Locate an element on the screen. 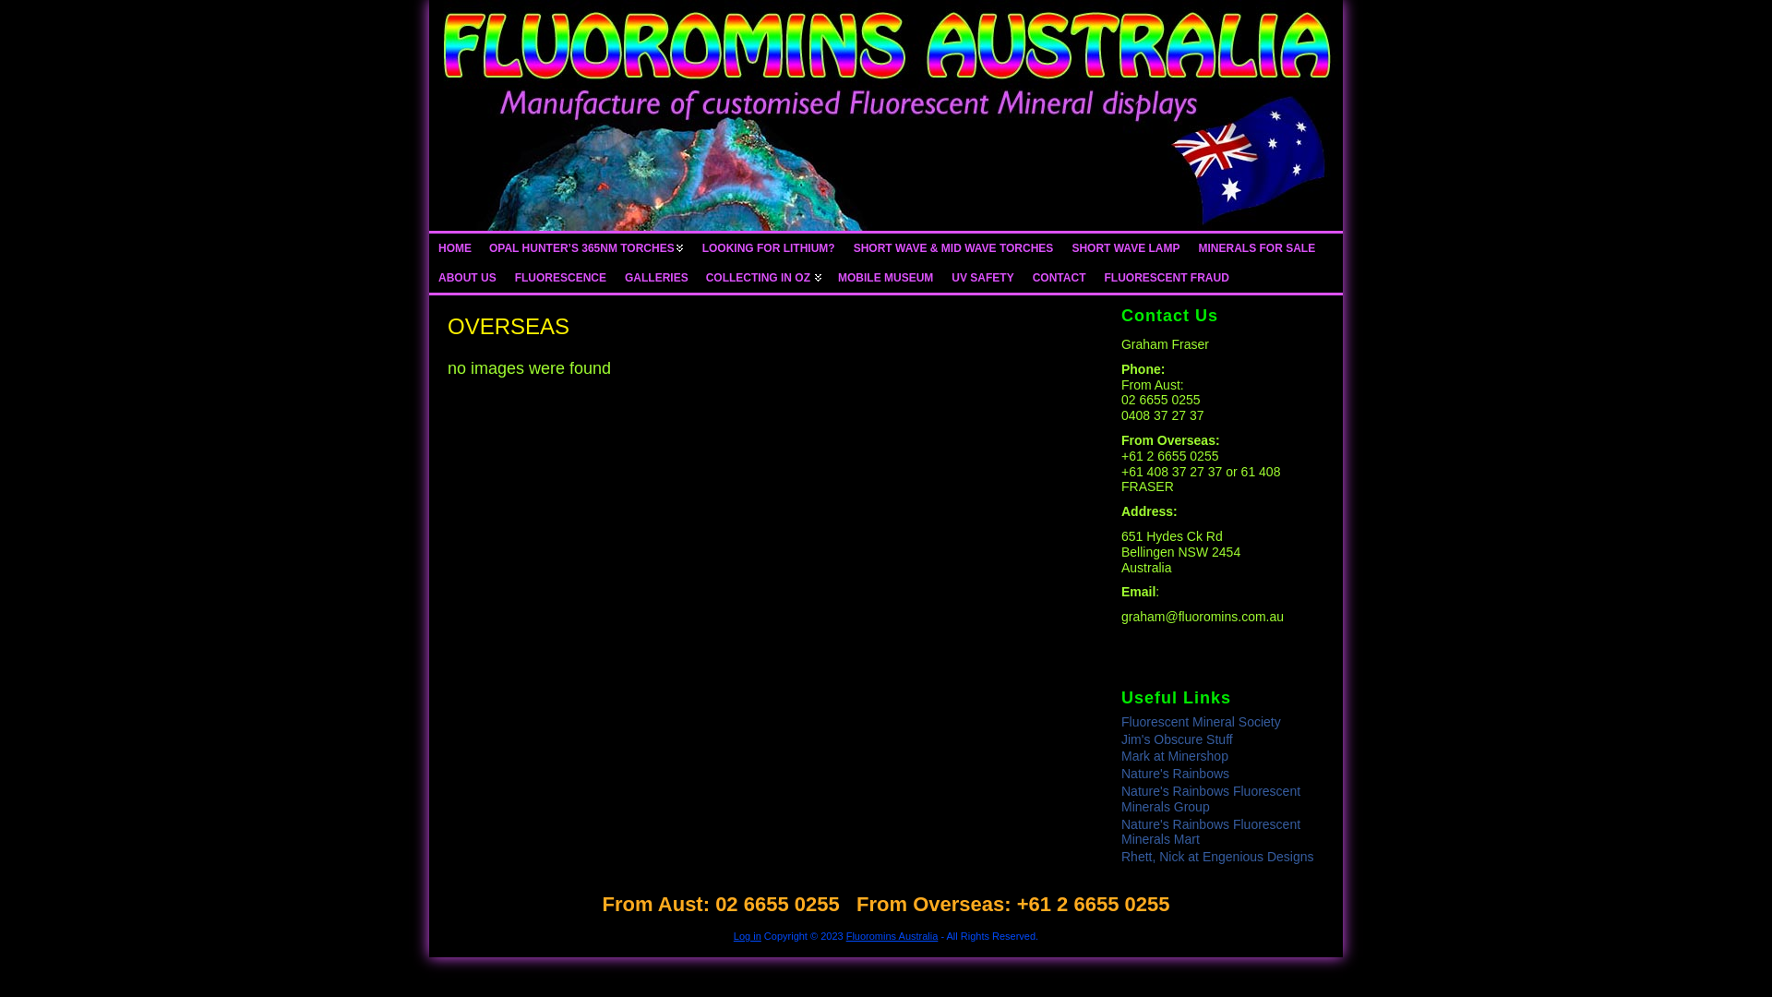 This screenshot has height=997, width=1772. 'MINERALS FOR SALE' is located at coordinates (1255, 247).